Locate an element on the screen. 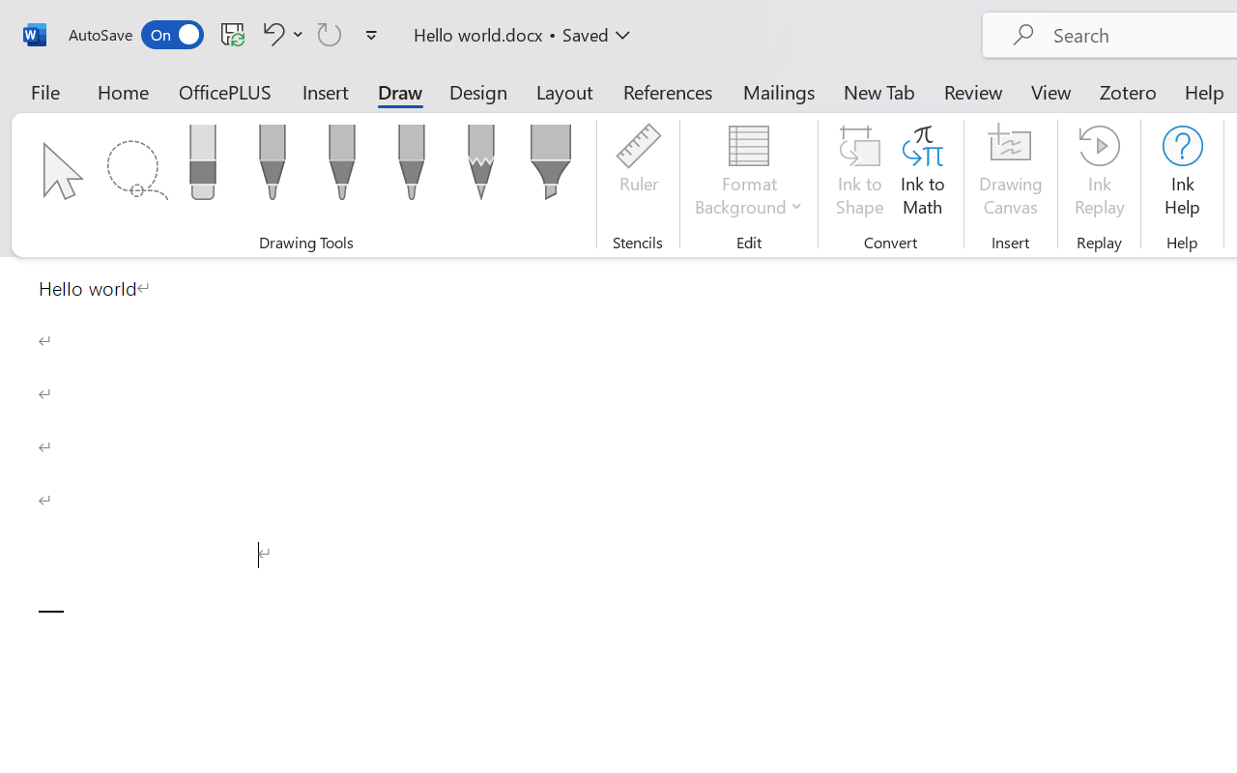 Image resolution: width=1237 pixels, height=773 pixels. 'Drawing Canvas' is located at coordinates (1010, 173).